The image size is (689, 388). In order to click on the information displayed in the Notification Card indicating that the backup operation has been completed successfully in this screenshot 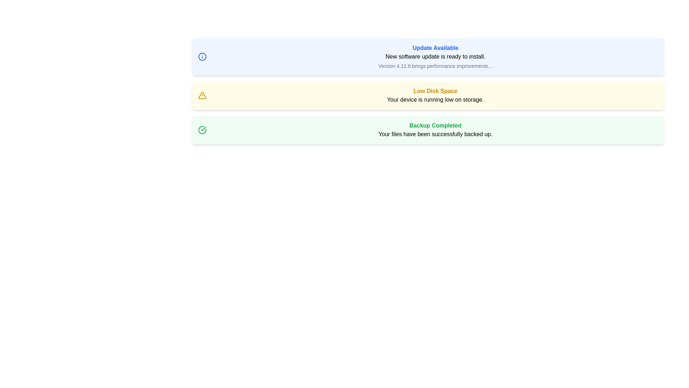, I will do `click(428, 130)`.